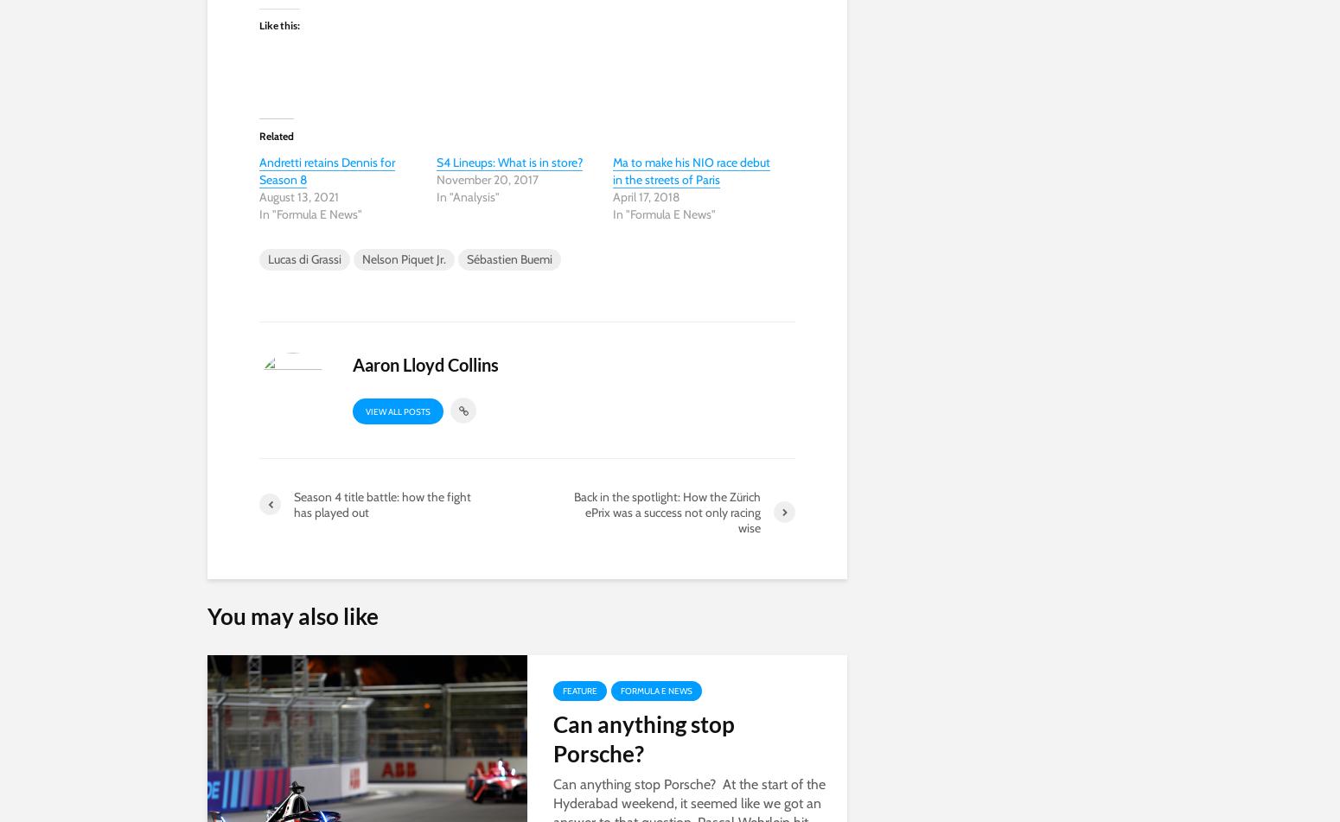 The width and height of the screenshot is (1340, 822). Describe the element at coordinates (667, 510) in the screenshot. I see `'Back in the spotlight: How the Zürich ePrix was a success not only racing wise'` at that location.